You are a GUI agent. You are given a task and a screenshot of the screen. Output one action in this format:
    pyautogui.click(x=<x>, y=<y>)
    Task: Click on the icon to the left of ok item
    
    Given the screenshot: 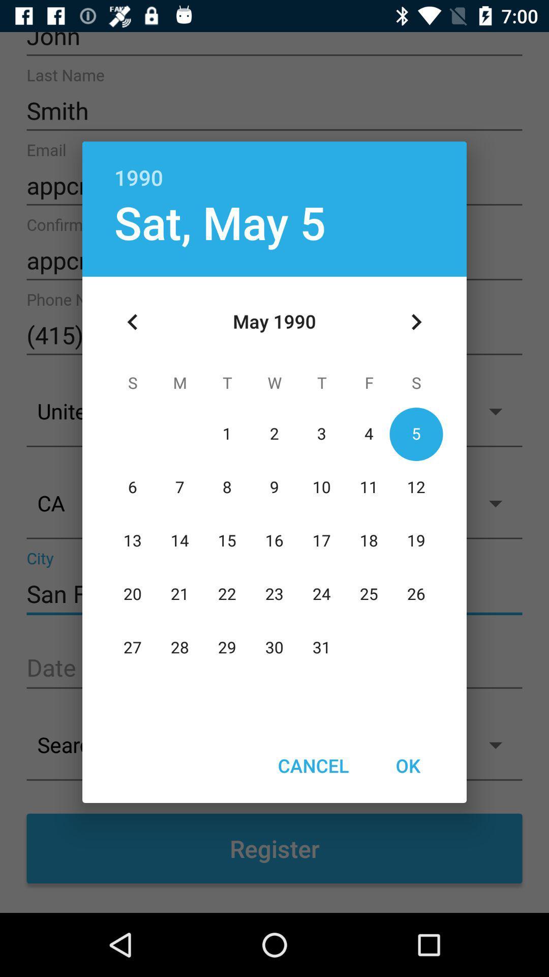 What is the action you would take?
    pyautogui.click(x=313, y=765)
    